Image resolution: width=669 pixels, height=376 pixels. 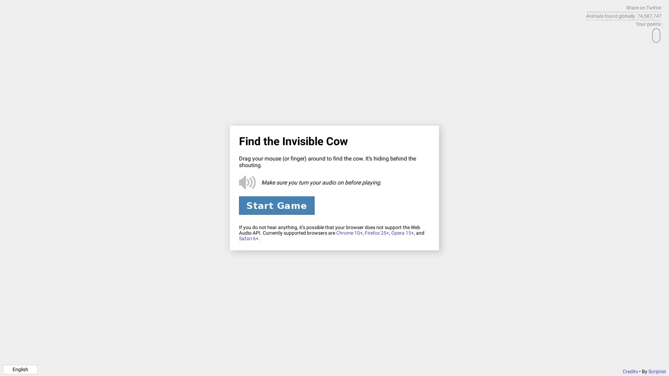 What do you see at coordinates (20, 369) in the screenshot?
I see `English` at bounding box center [20, 369].